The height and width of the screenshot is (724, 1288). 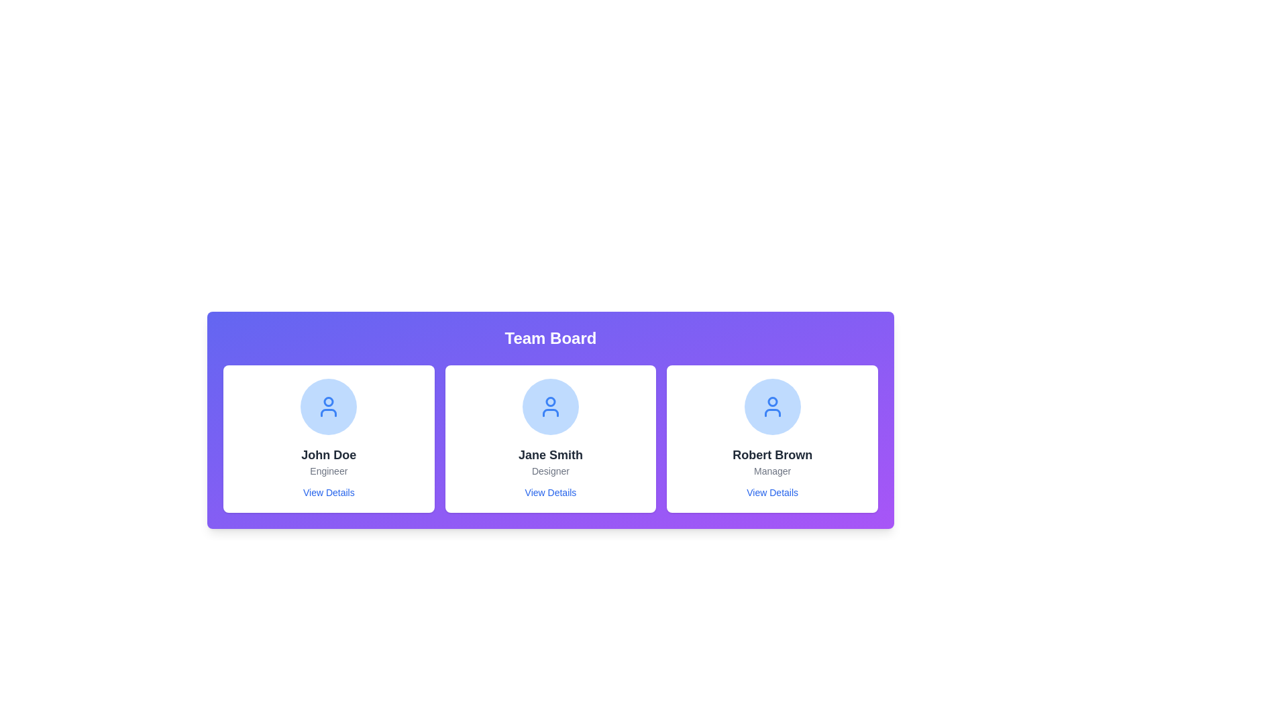 I want to click on the small circular graphical decoration within the user icon representing 'John Doe' on the Team Board, so click(x=329, y=401).